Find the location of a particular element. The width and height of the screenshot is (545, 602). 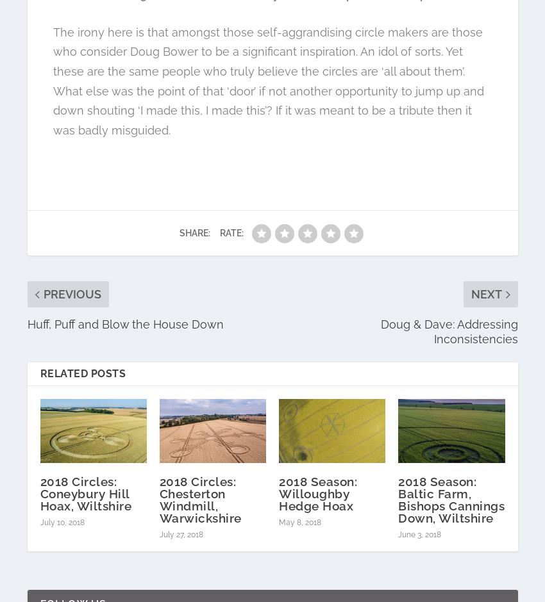

'July 10, 2018' is located at coordinates (61, 521).